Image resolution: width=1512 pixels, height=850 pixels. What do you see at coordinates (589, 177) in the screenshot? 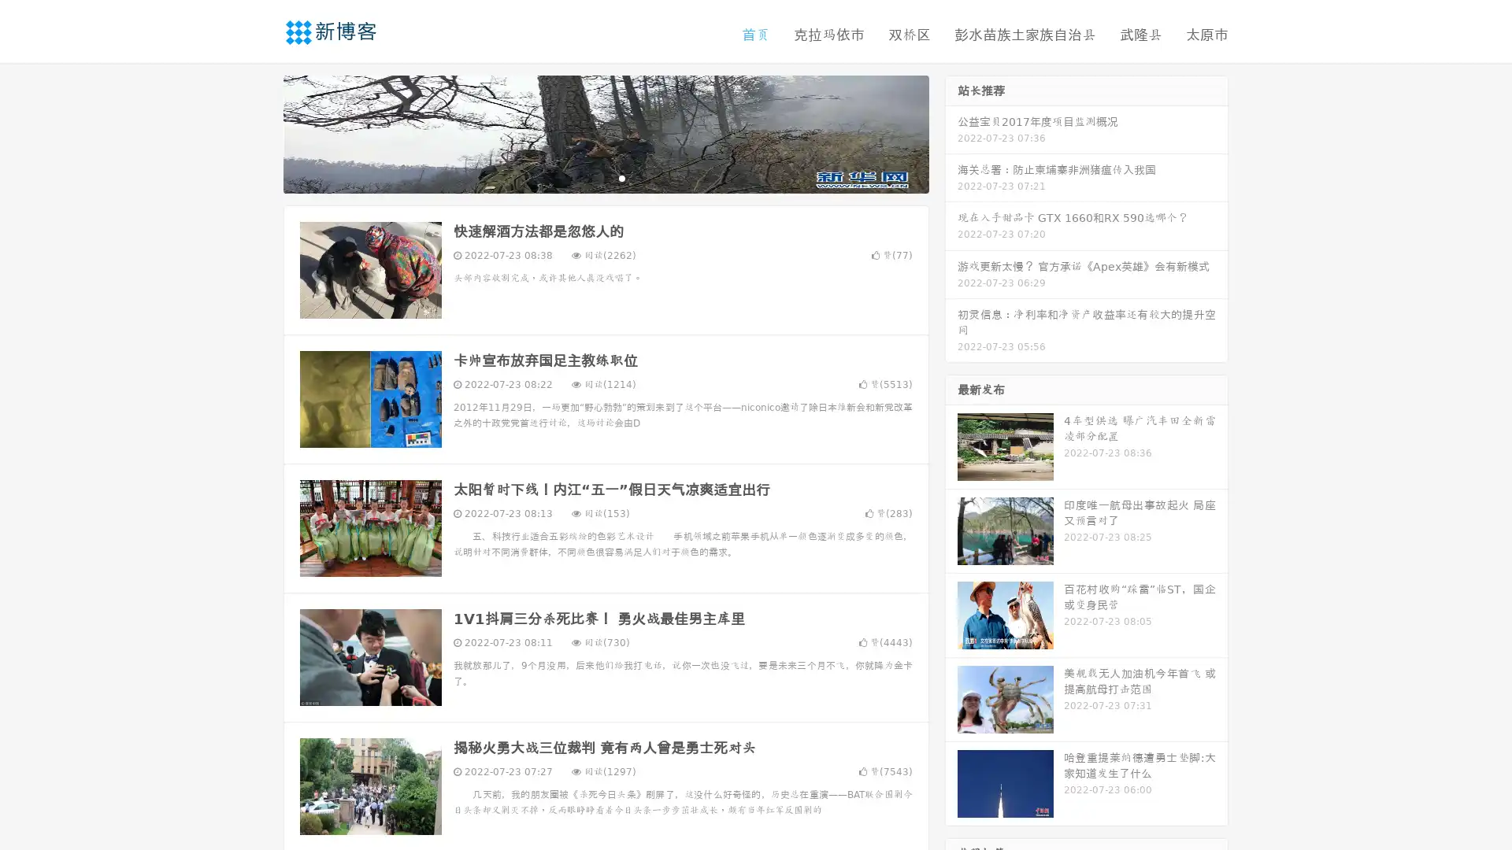
I see `Go to slide 1` at bounding box center [589, 177].